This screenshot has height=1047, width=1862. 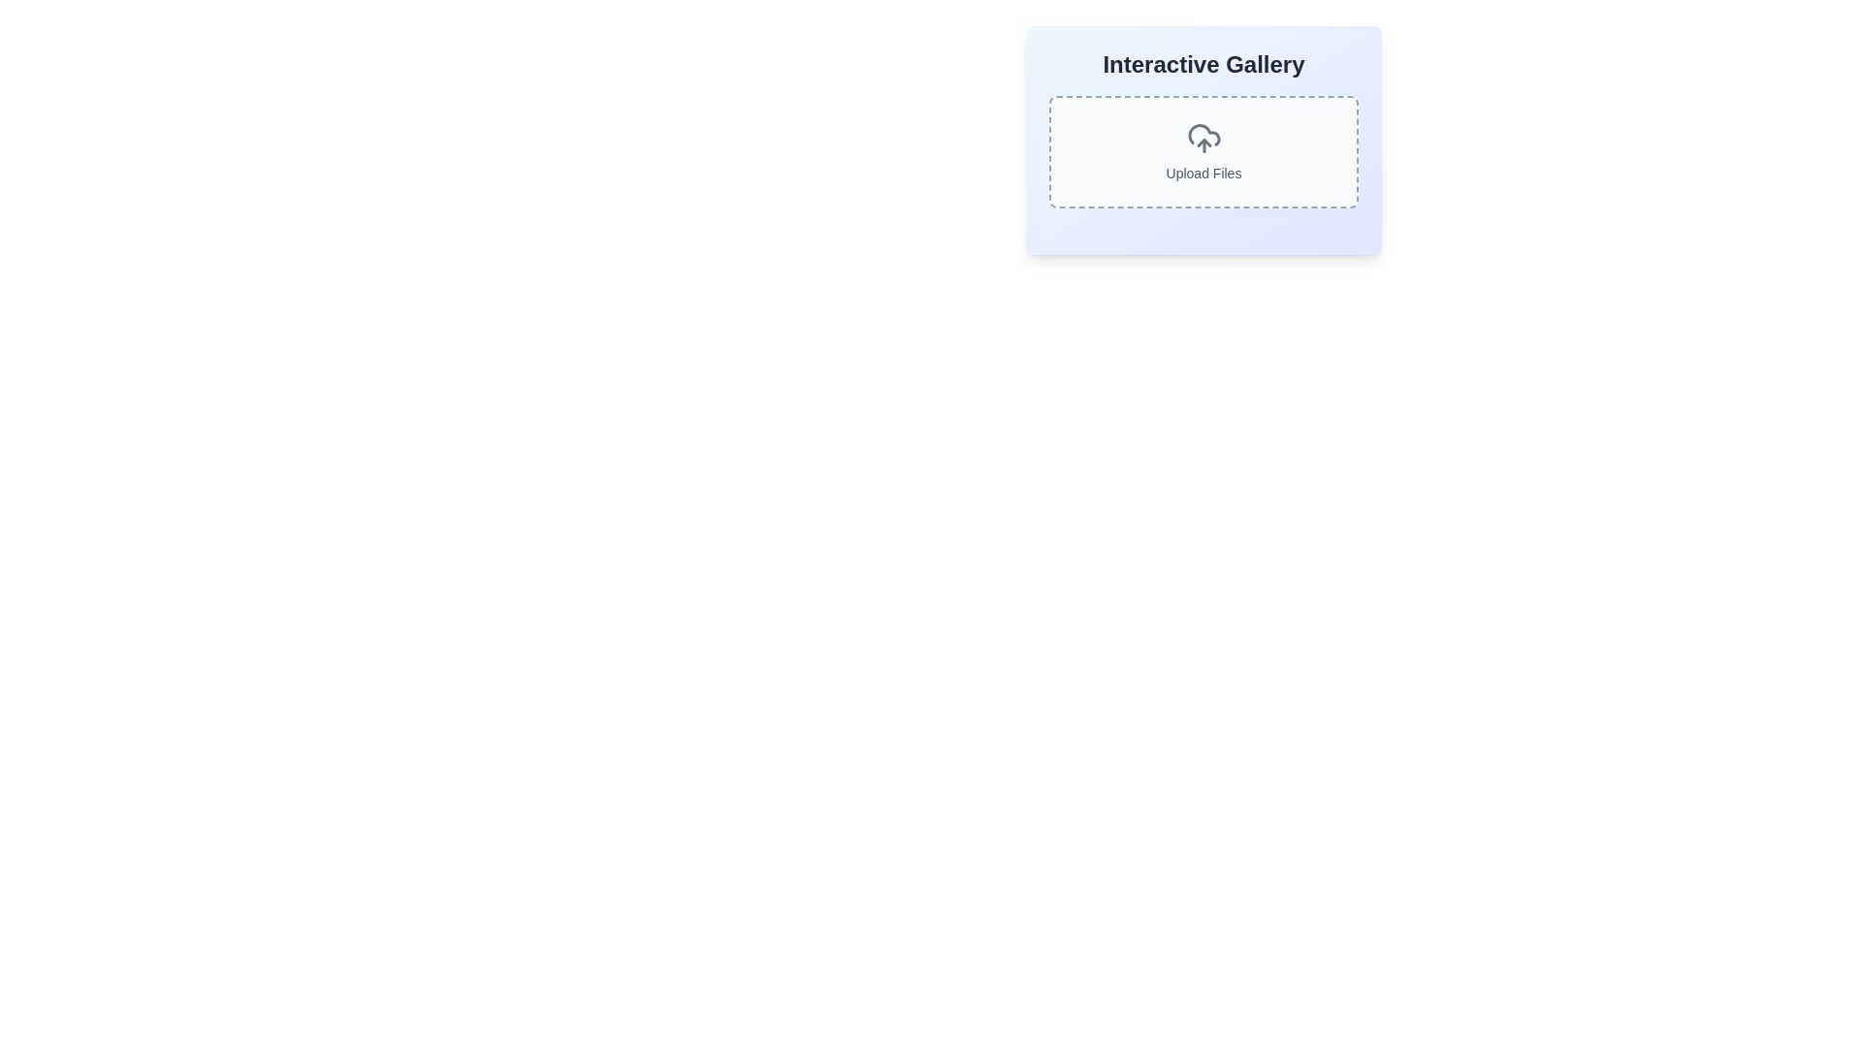 What do you see at coordinates (1203, 172) in the screenshot?
I see `the text label located inside the dashed border box with rounded corners, positioned near the center-bottom and directly below the cloud upload icon` at bounding box center [1203, 172].